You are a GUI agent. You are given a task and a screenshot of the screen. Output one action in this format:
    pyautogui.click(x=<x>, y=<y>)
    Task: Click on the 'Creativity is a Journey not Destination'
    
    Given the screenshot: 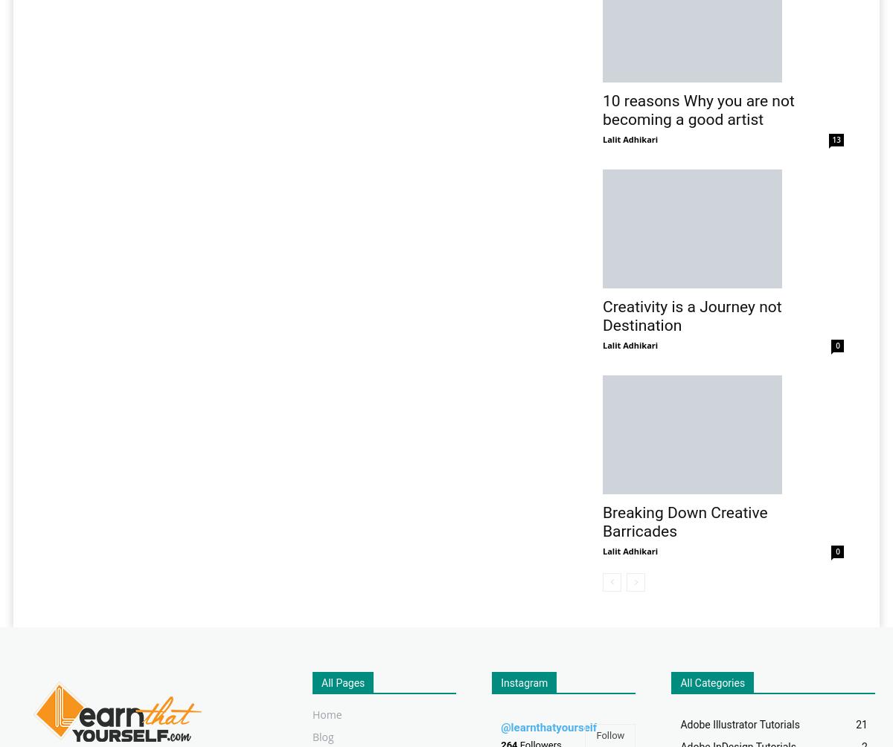 What is the action you would take?
    pyautogui.click(x=692, y=316)
    